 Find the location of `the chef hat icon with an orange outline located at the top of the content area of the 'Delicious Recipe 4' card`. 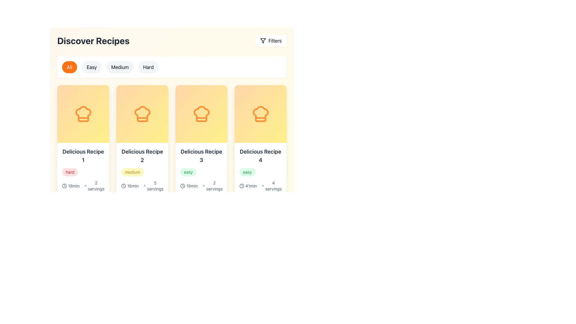

the chef hat icon with an orange outline located at the top of the content area of the 'Delicious Recipe 4' card is located at coordinates (260, 114).